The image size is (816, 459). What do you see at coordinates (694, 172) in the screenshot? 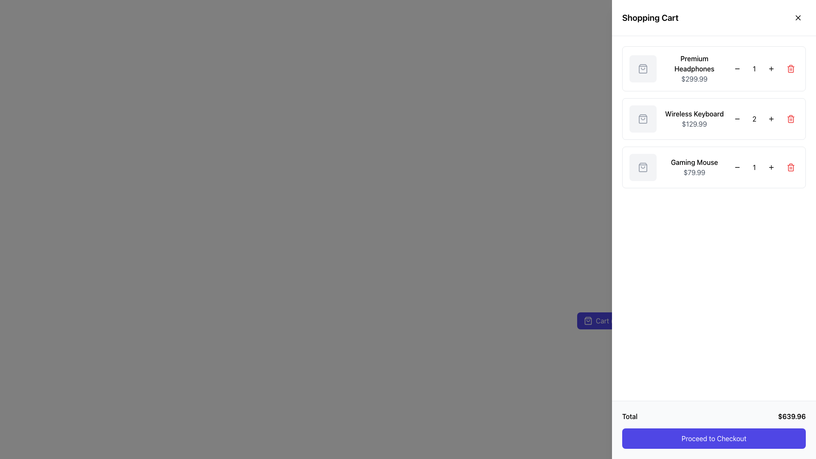
I see `the price indicator text for the 'Gaming Mouse' item in the cart panel, which is located beneath the title 'Gaming Mouse'` at bounding box center [694, 172].